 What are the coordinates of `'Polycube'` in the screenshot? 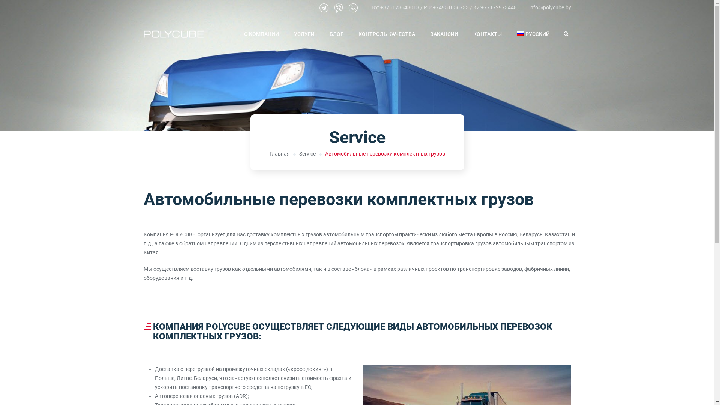 It's located at (172, 34).